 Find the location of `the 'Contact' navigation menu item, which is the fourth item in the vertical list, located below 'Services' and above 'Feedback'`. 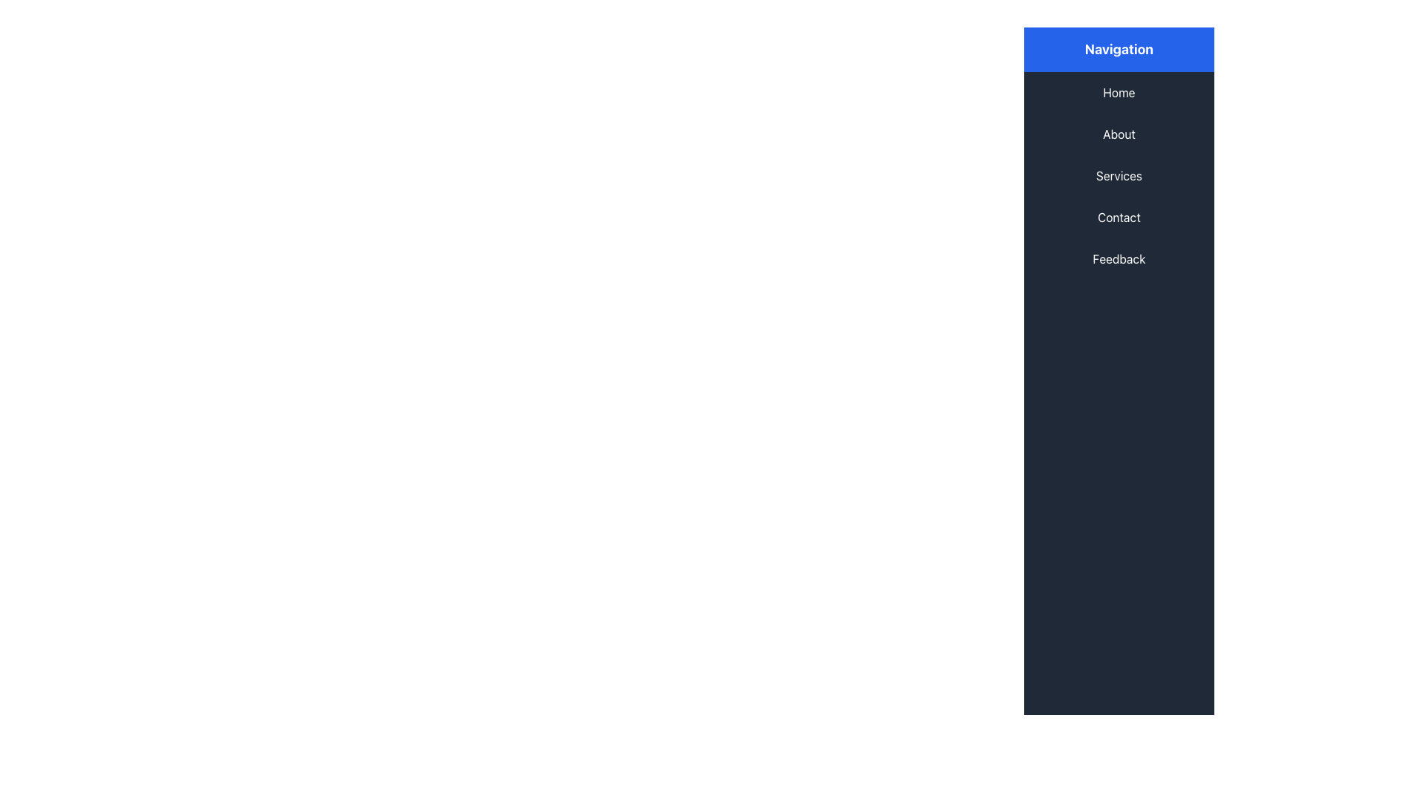

the 'Contact' navigation menu item, which is the fourth item in the vertical list, located below 'Services' and above 'Feedback' is located at coordinates (1119, 218).